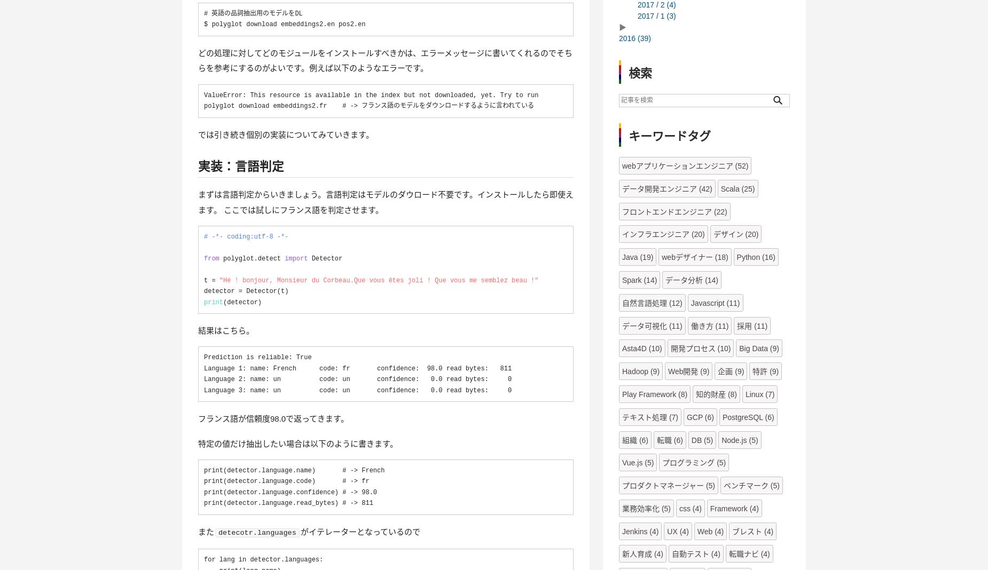 The width and height of the screenshot is (988, 570). What do you see at coordinates (666, 187) in the screenshot?
I see `'データ開発エンジニア (42)'` at bounding box center [666, 187].